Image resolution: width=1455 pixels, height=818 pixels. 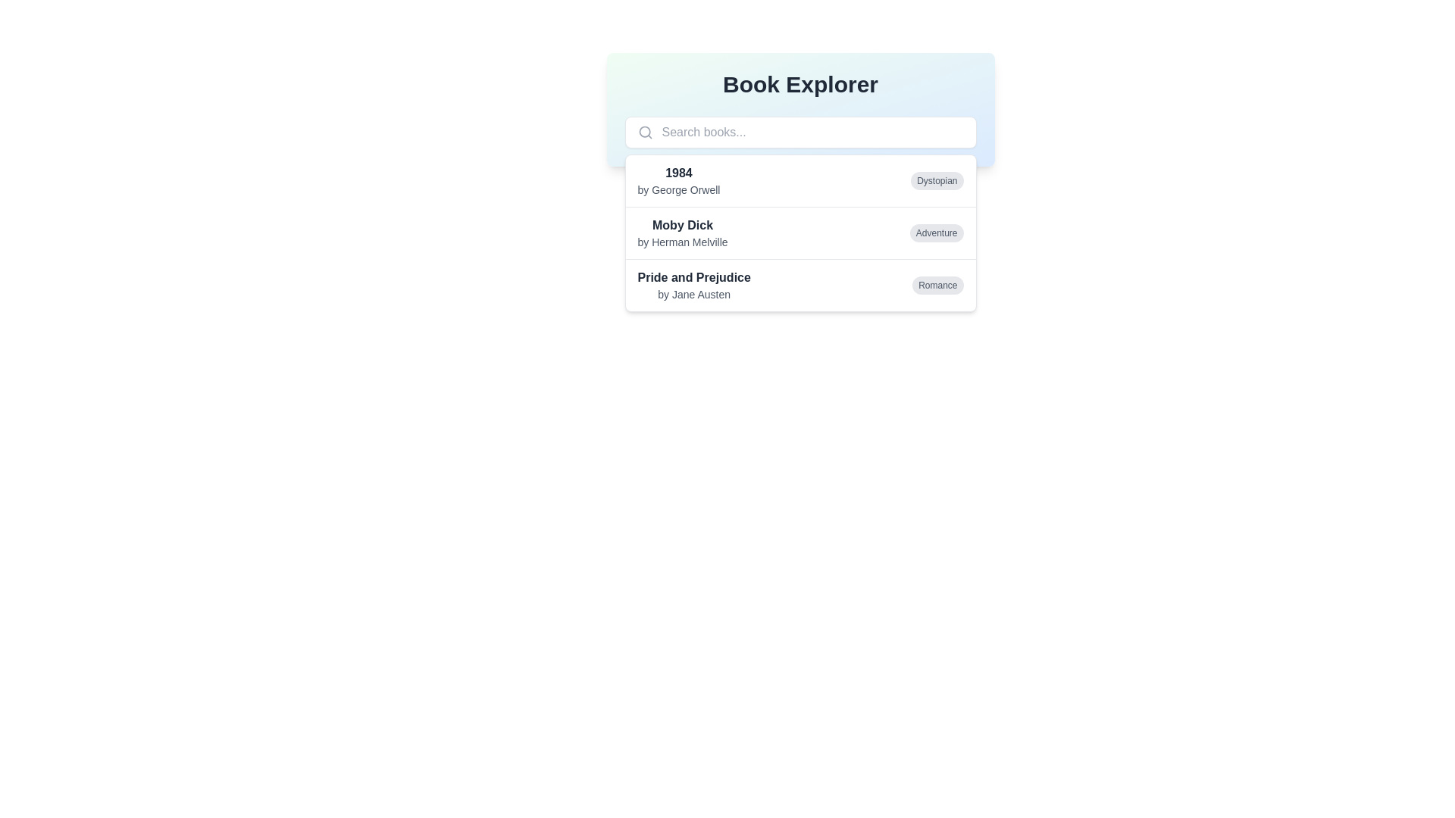 I want to click on the second entry in the book search results dropdown, which displays concise information about a book, so click(x=799, y=233).